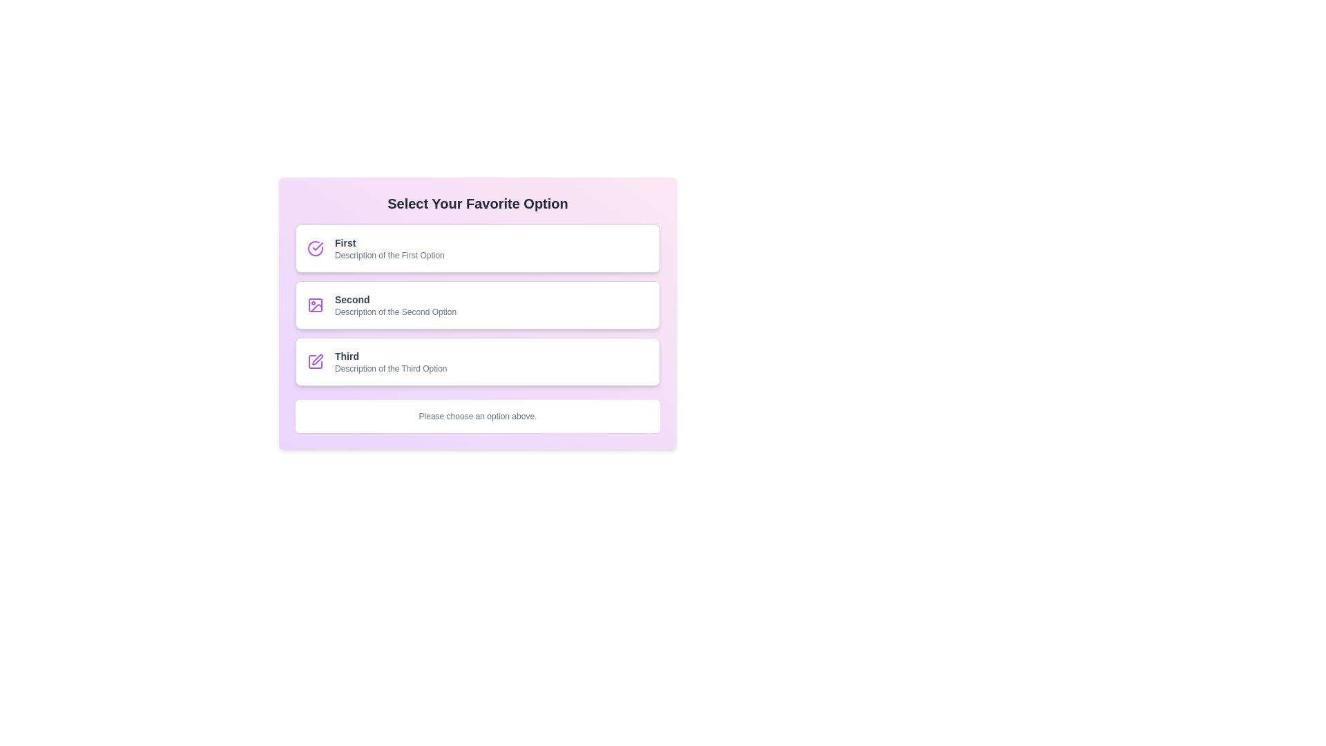 The image size is (1326, 746). I want to click on the descriptive subtitle text label located beneath the 'Third' label in the third box of the vertical list of selectable options, so click(390, 367).